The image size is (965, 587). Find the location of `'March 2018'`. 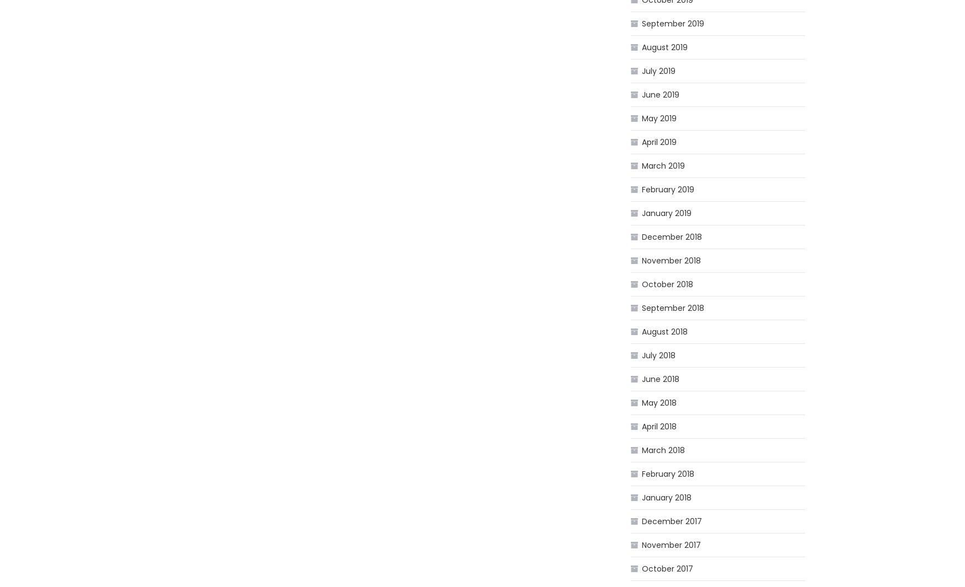

'March 2018' is located at coordinates (663, 450).